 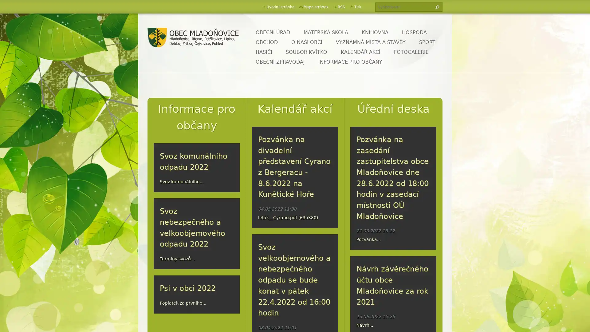 What do you see at coordinates (436, 7) in the screenshot?
I see `Hledat` at bounding box center [436, 7].